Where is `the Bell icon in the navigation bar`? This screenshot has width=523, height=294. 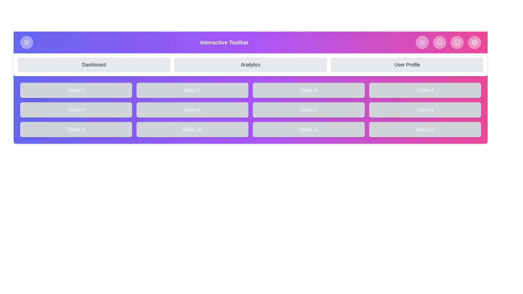
the Bell icon in the navigation bar is located at coordinates (439, 42).